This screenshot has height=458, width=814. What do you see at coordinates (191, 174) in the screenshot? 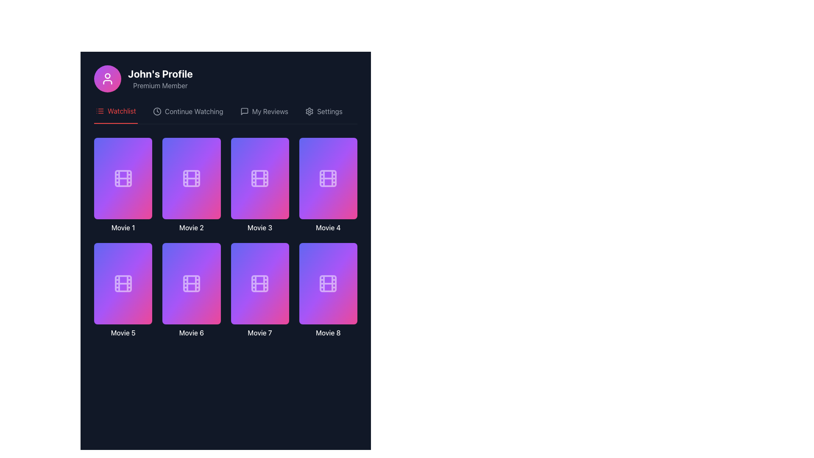
I see `the Play button (triangle within a circular red button) to initiate playback of the movie 'Movie 2'` at bounding box center [191, 174].